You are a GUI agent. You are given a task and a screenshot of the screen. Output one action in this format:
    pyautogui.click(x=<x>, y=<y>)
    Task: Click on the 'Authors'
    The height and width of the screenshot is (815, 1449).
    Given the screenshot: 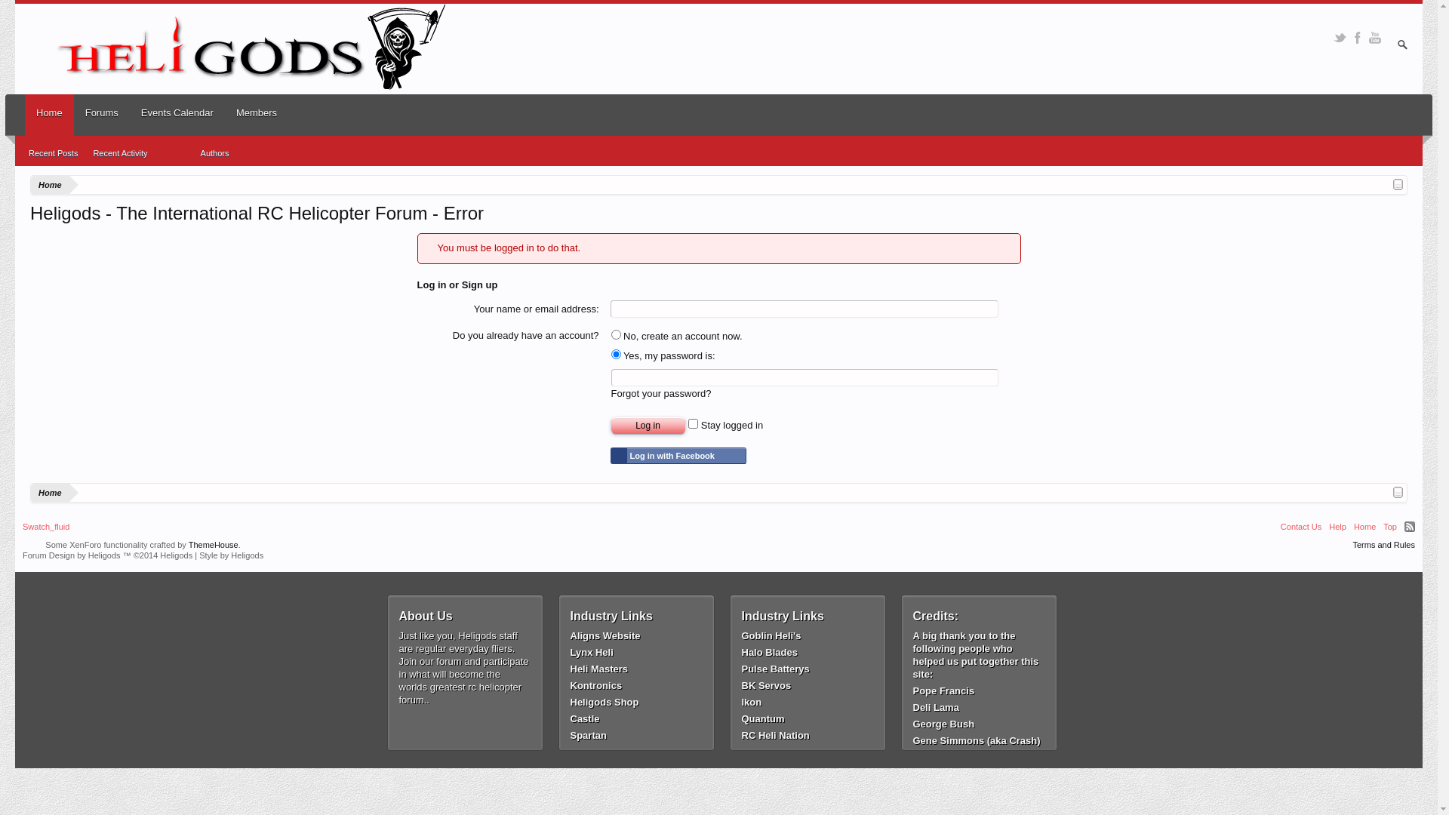 What is the action you would take?
    pyautogui.click(x=214, y=152)
    